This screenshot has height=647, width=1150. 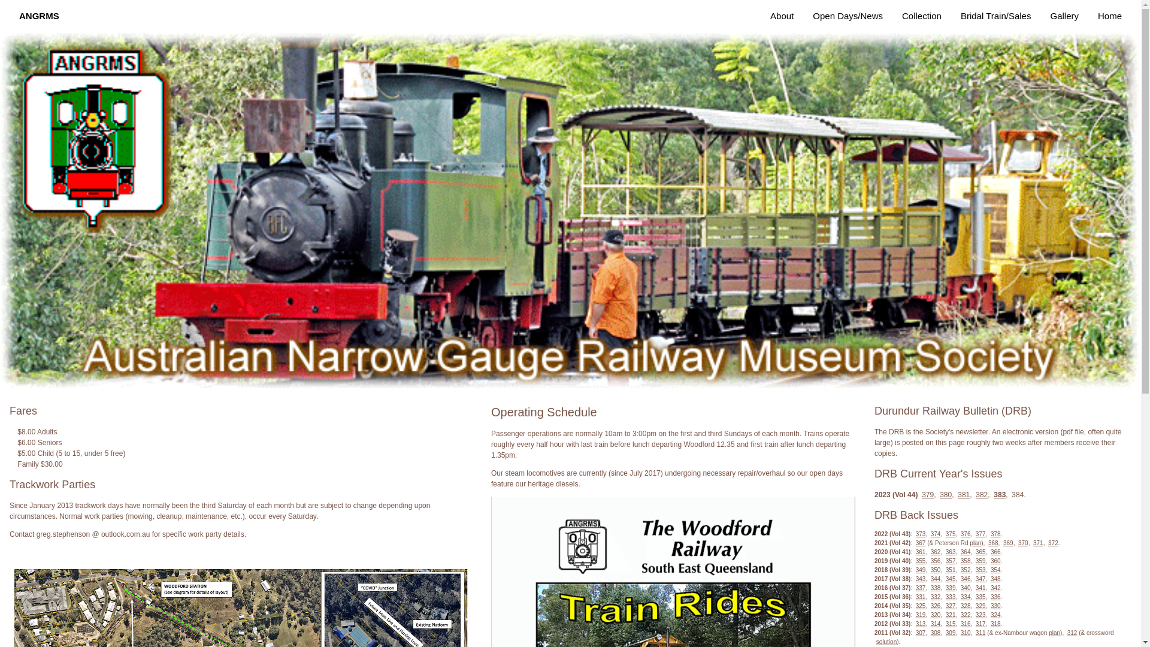 What do you see at coordinates (939, 494) in the screenshot?
I see `'380'` at bounding box center [939, 494].